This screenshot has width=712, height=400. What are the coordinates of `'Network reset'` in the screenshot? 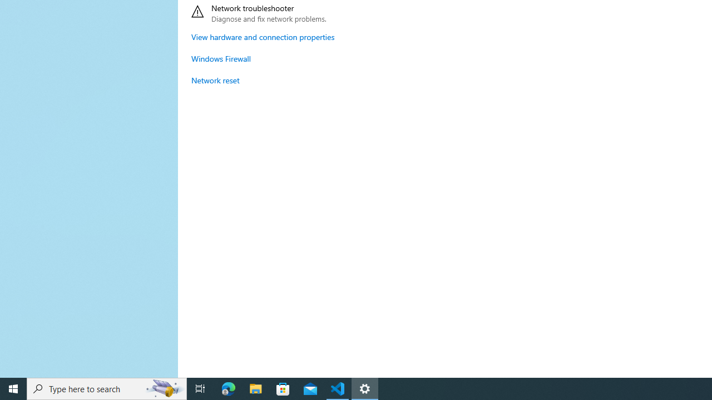 It's located at (215, 79).